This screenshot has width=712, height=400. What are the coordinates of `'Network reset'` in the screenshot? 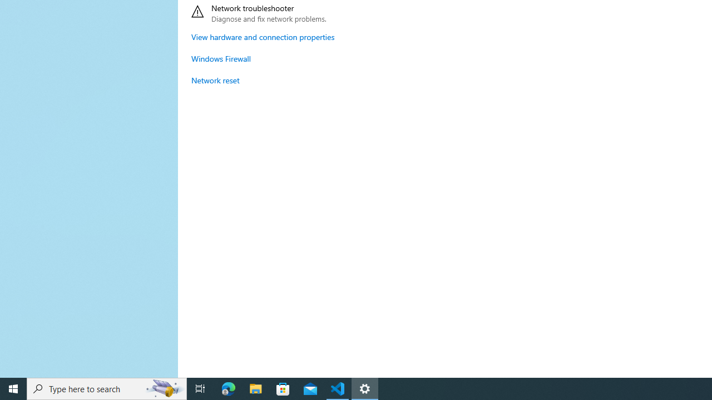 It's located at (215, 79).